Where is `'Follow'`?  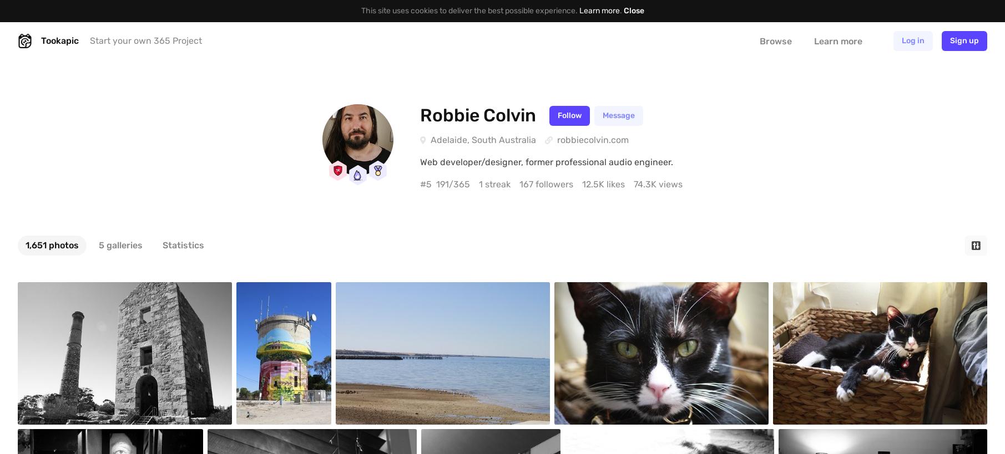
'Follow' is located at coordinates (569, 115).